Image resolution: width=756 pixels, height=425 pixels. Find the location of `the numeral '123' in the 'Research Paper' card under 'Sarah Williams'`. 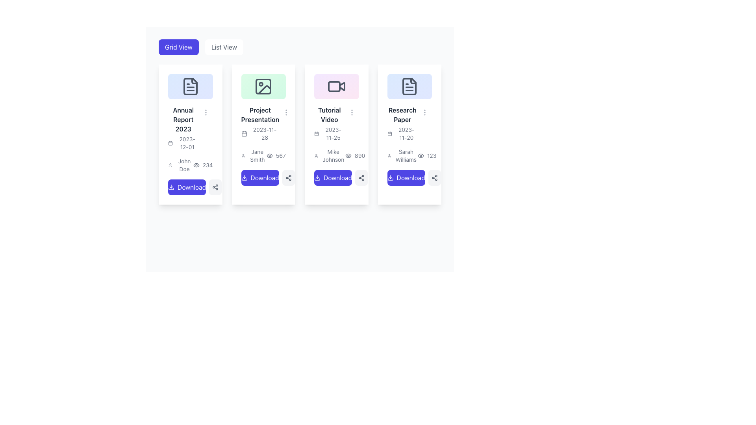

the numeral '123' in the 'Research Paper' card under 'Sarah Williams' is located at coordinates (426, 155).